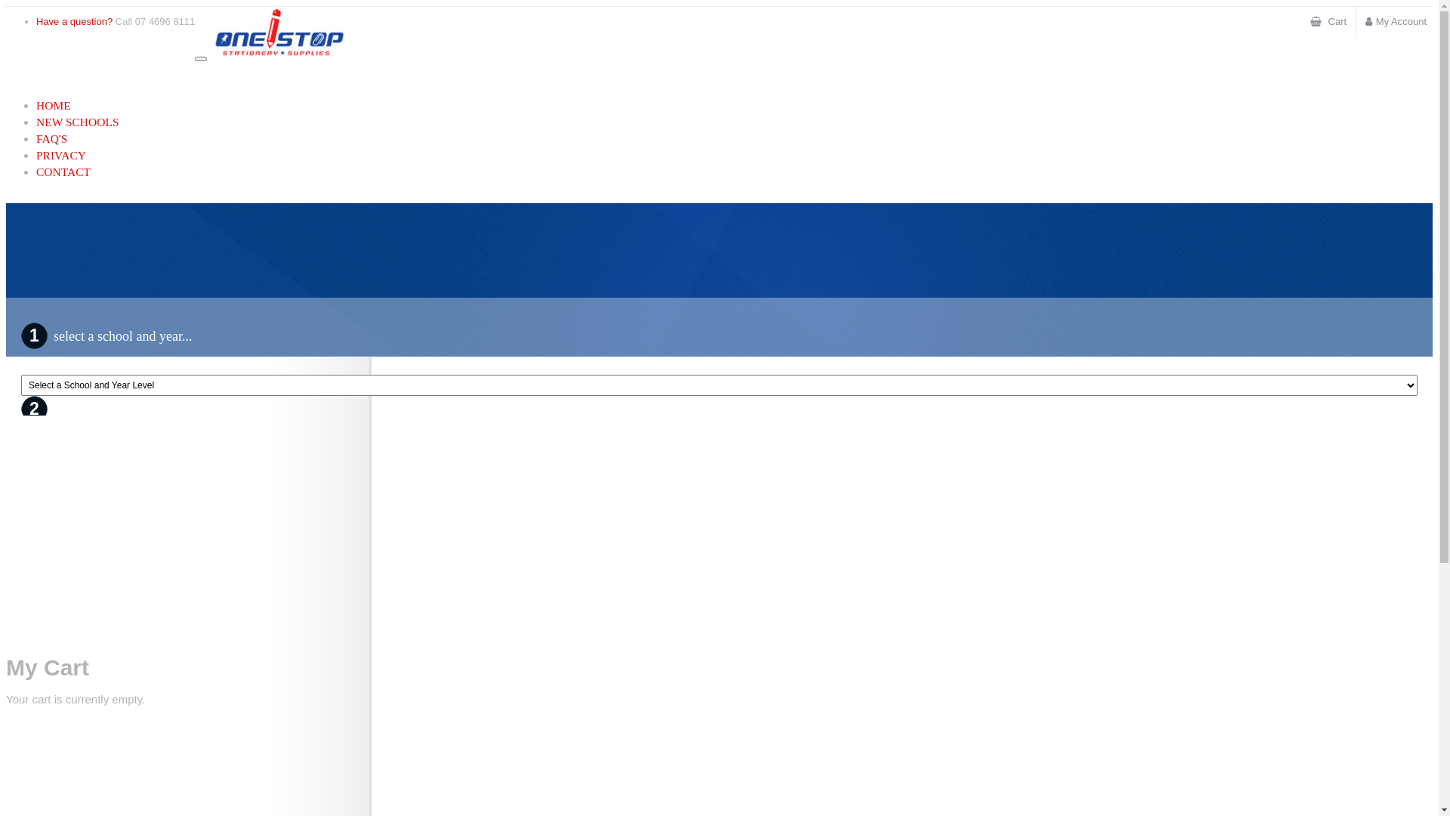 The image size is (1450, 816). I want to click on 'HOME', so click(36, 104).